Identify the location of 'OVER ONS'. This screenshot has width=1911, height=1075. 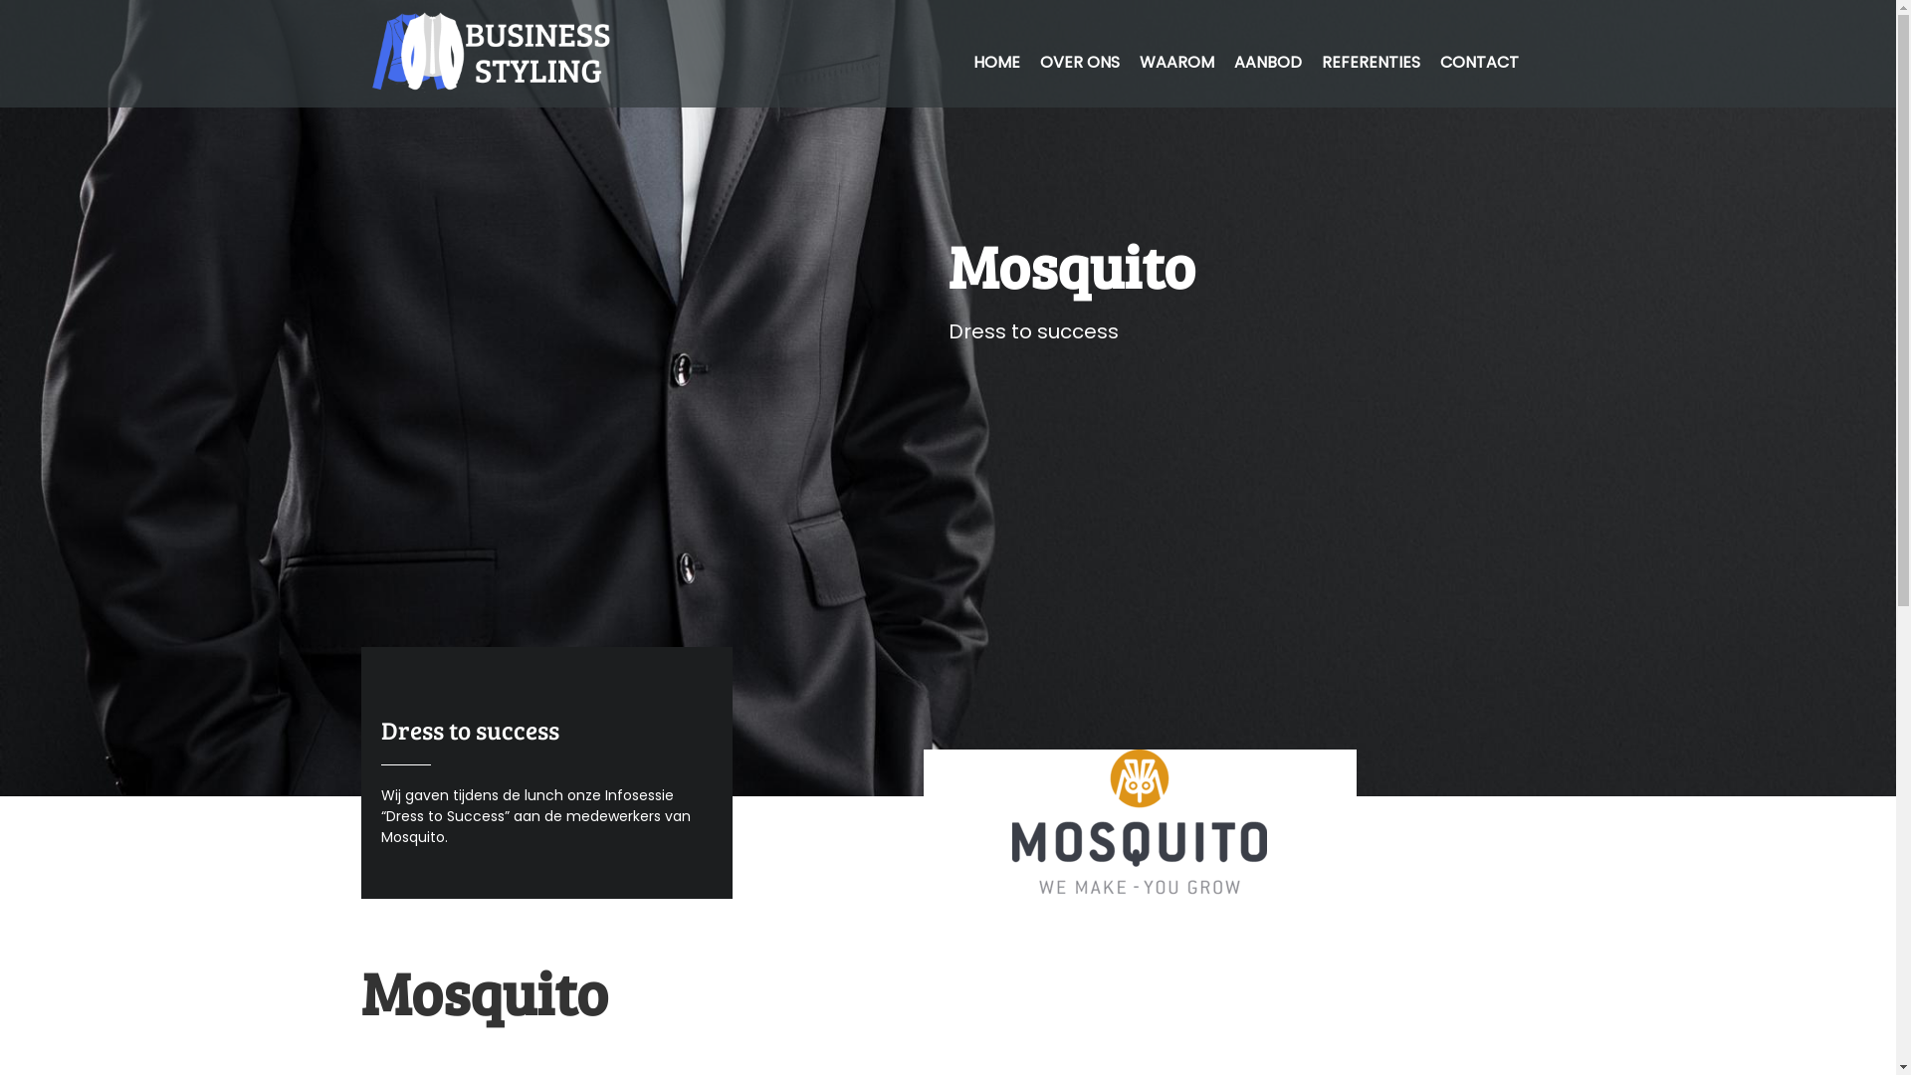
(1078, 61).